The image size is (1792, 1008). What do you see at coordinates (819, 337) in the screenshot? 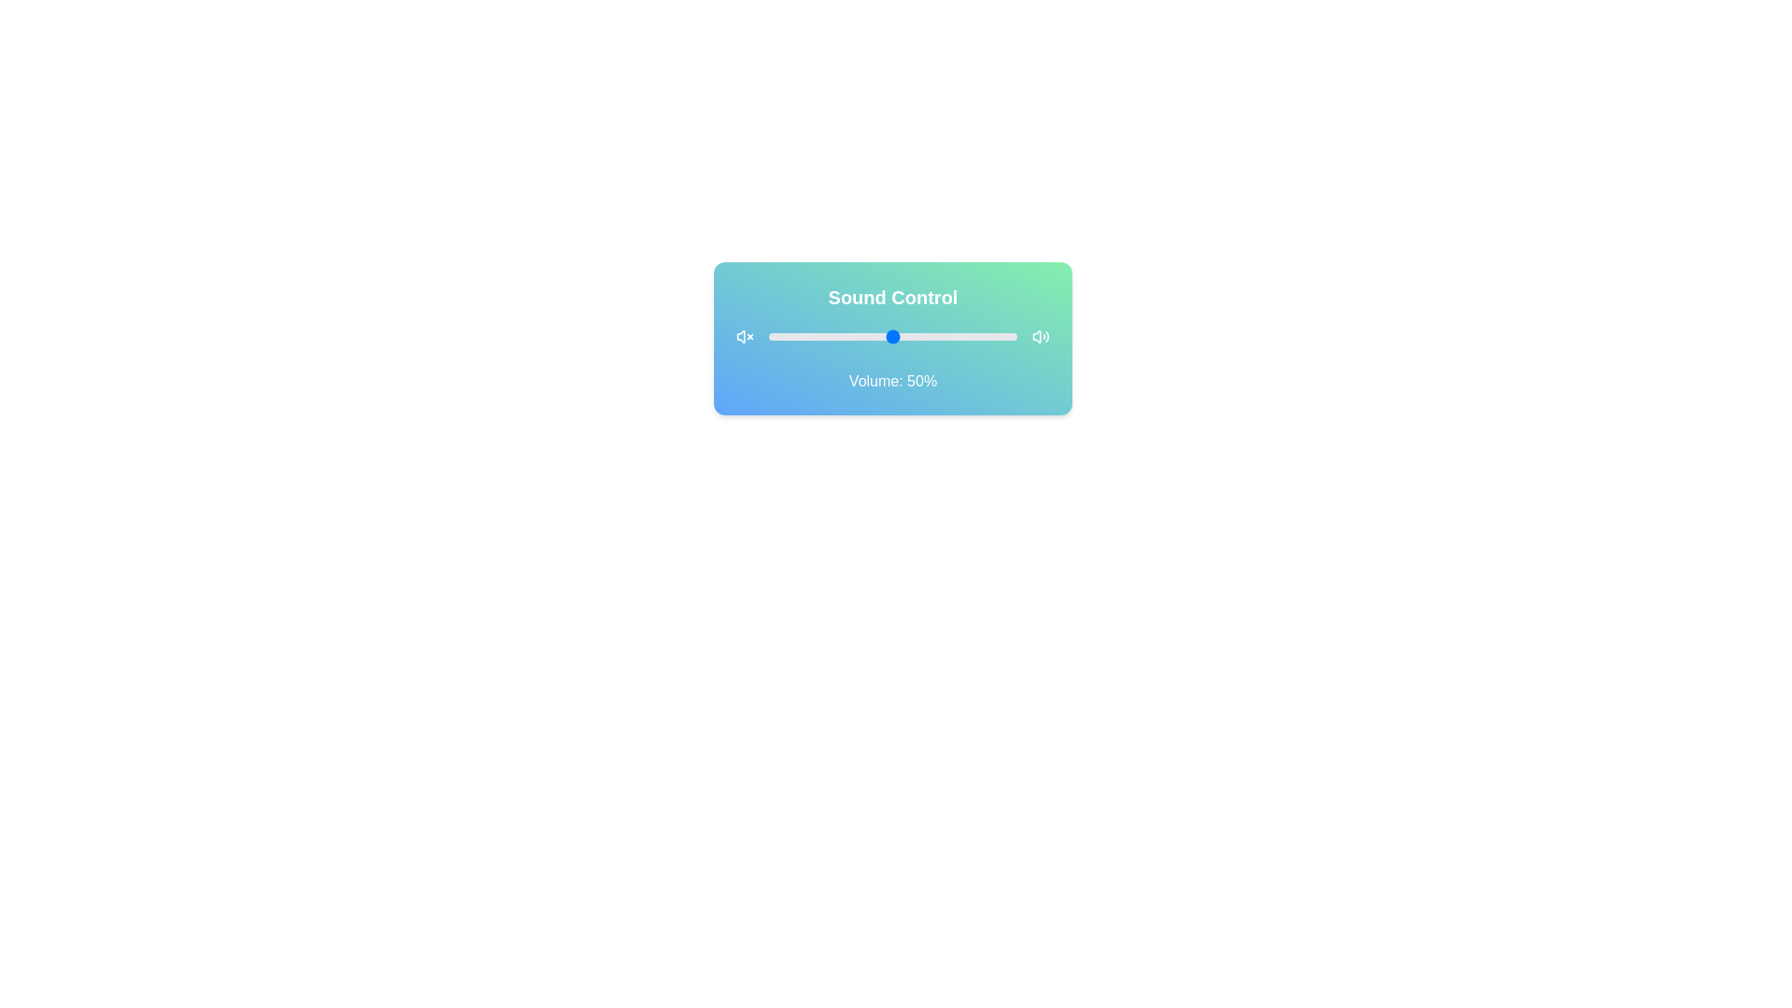
I see `the volume slider` at bounding box center [819, 337].